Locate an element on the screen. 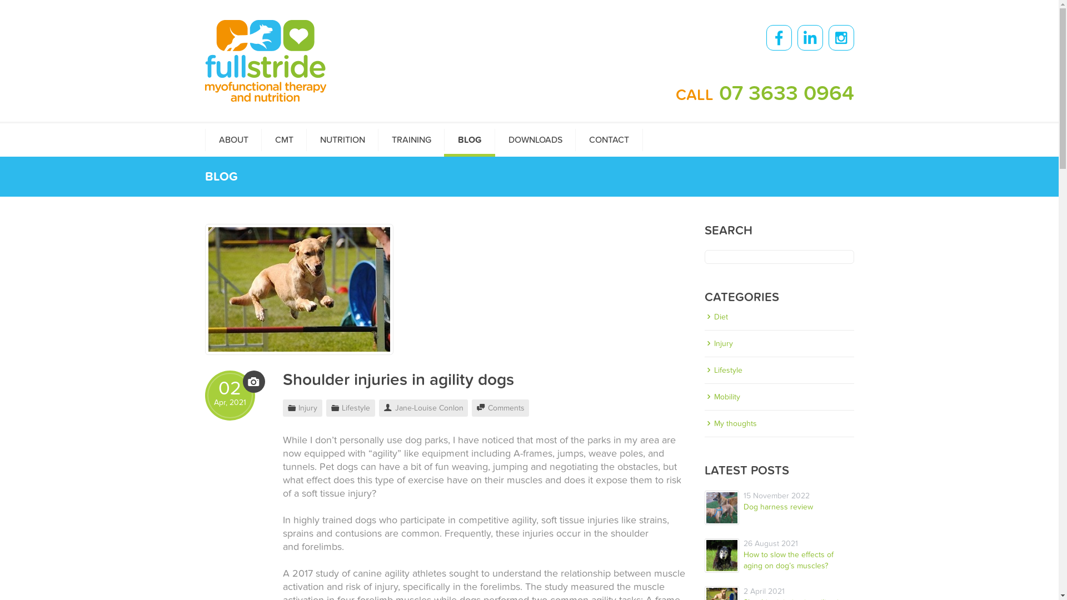  'My thoughts' is located at coordinates (779, 423).